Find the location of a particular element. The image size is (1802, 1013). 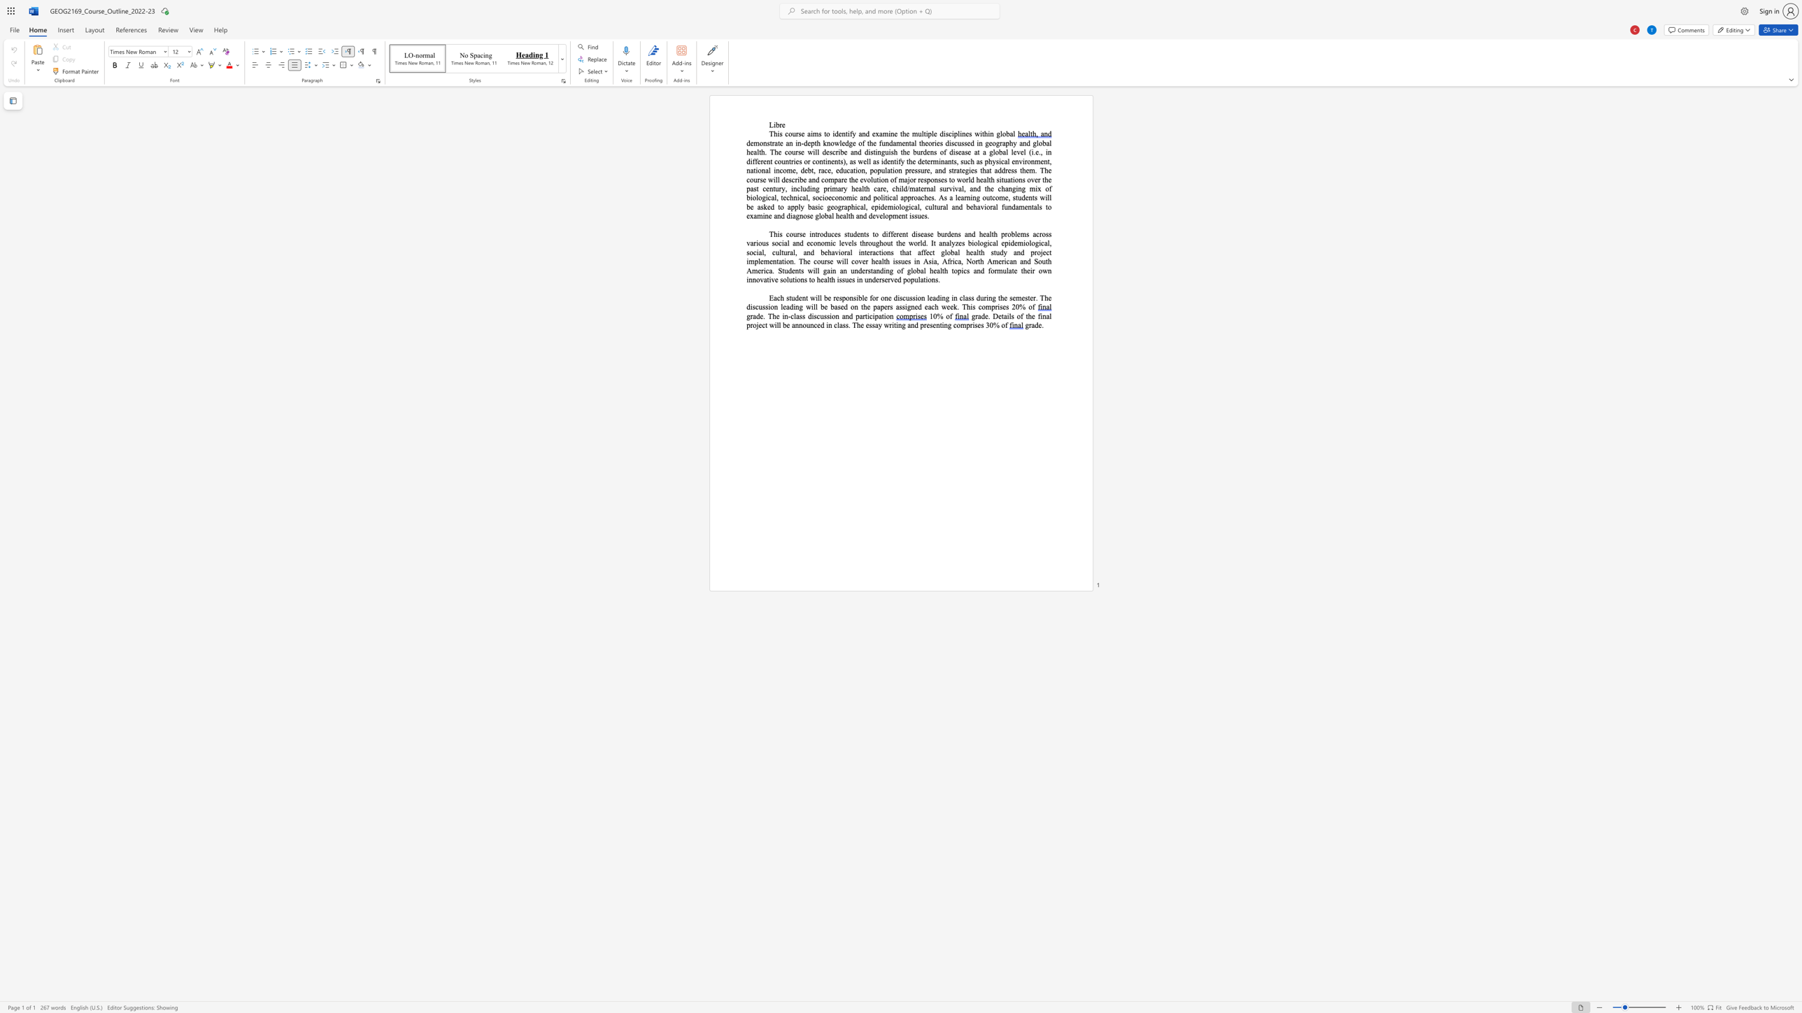

the 2th character "o" in the text is located at coordinates (998, 197).